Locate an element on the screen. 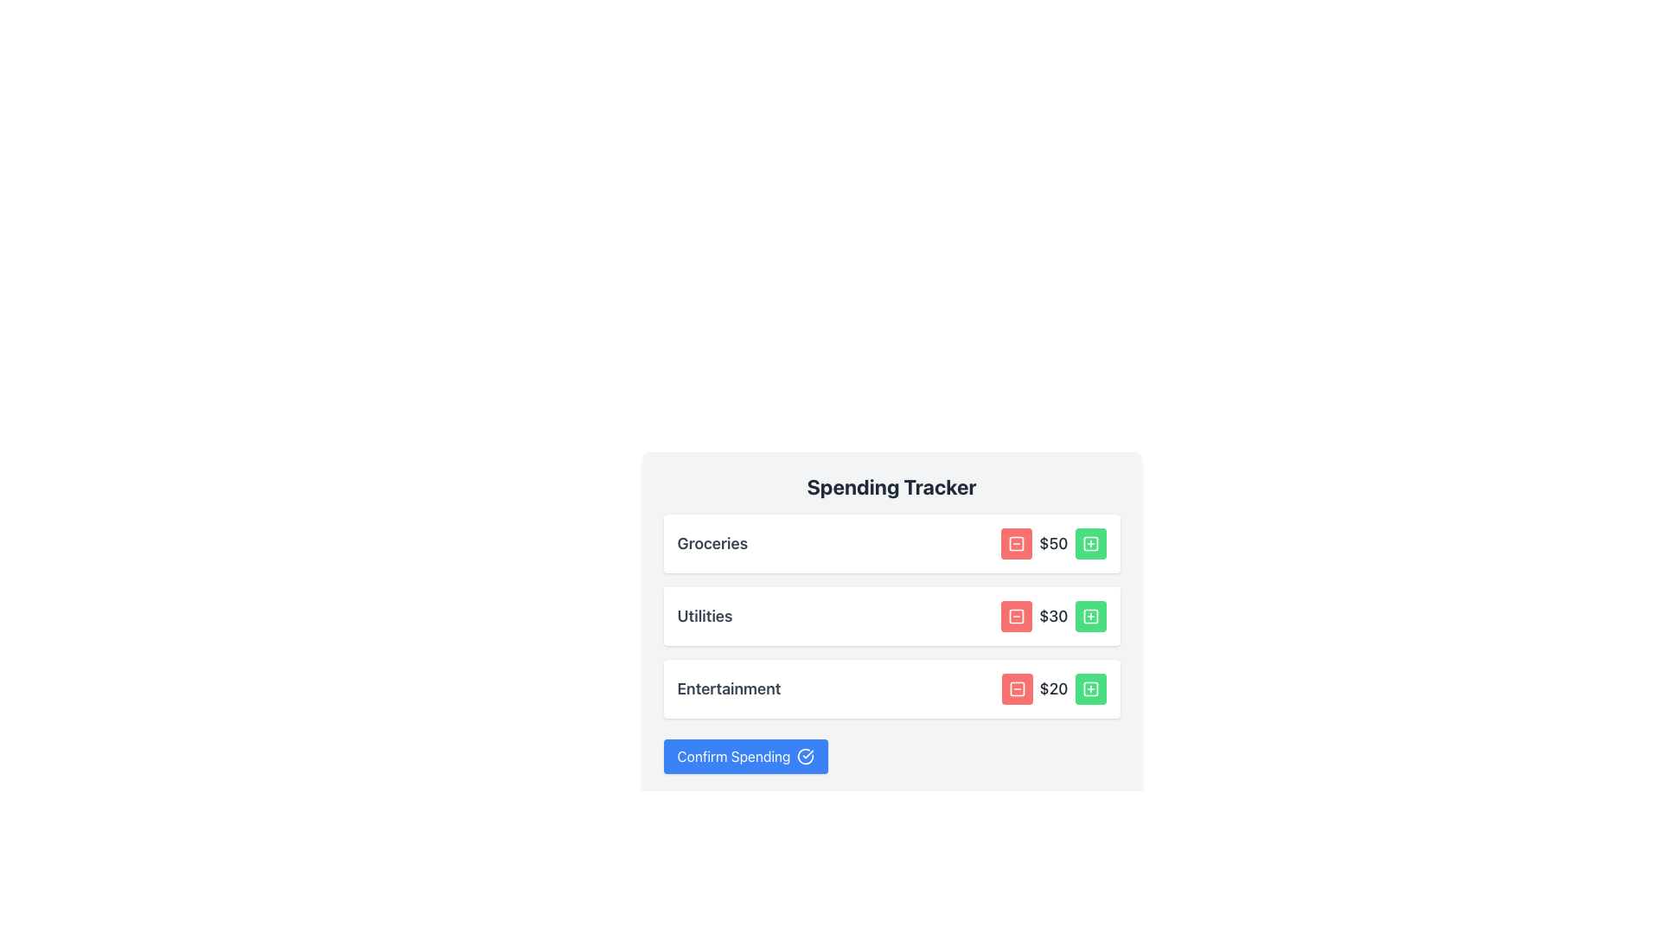 The height and width of the screenshot is (934, 1660). the 'Groceries' text label, which is a bold, medium-sized, gray font element located at the far-left of a spending tracker interface row is located at coordinates (712, 542).